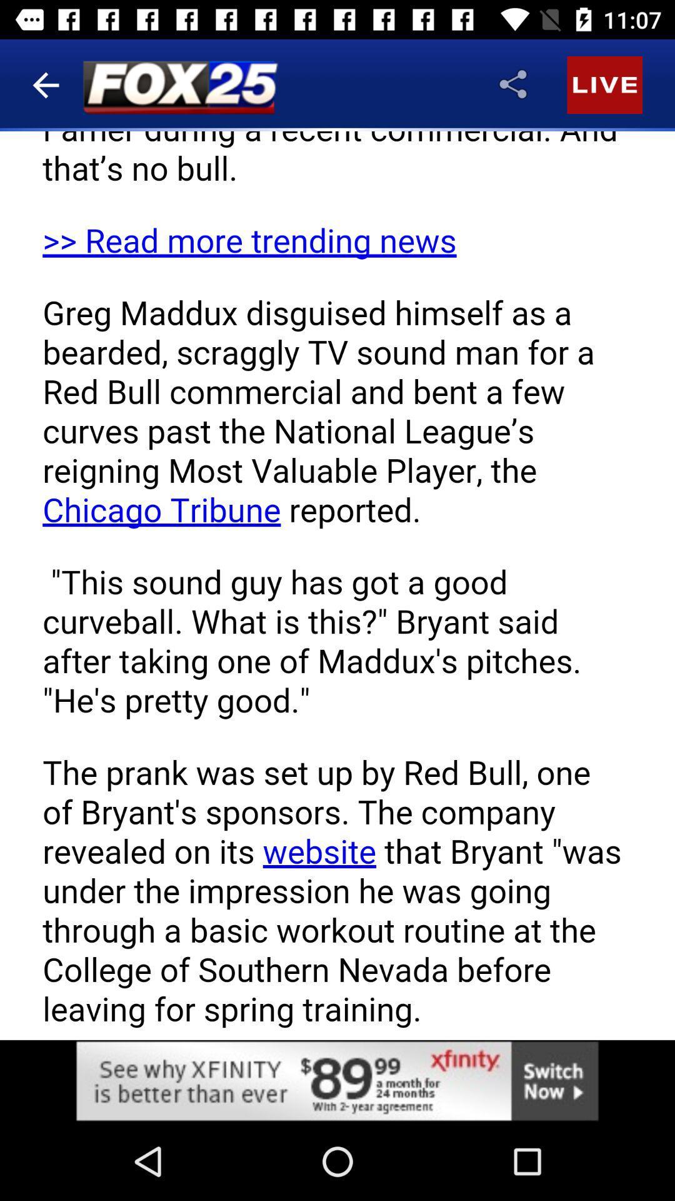 The image size is (675, 1201). What do you see at coordinates (180, 86) in the screenshot?
I see `the logo on the left to the share button of the web page` at bounding box center [180, 86].